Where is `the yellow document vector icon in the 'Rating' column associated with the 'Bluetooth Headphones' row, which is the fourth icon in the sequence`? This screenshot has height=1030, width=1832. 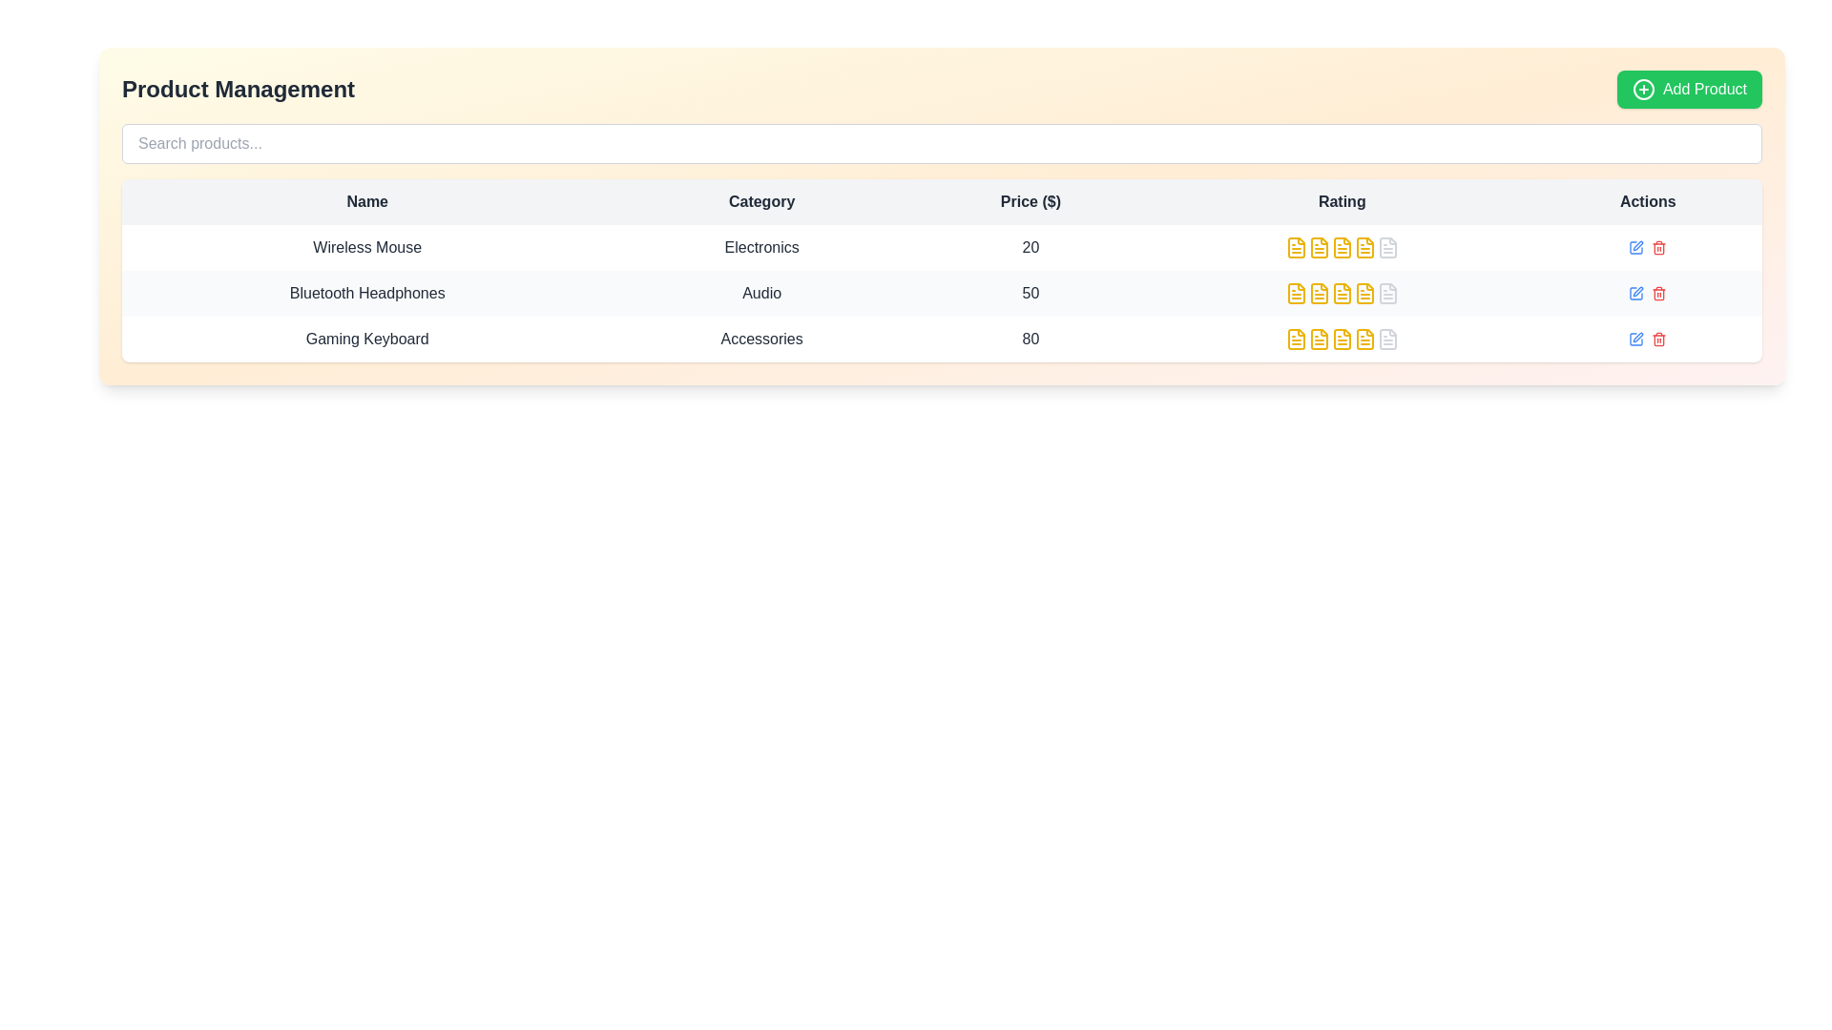
the yellow document vector icon in the 'Rating' column associated with the 'Bluetooth Headphones' row, which is the fourth icon in the sequence is located at coordinates (1364, 294).